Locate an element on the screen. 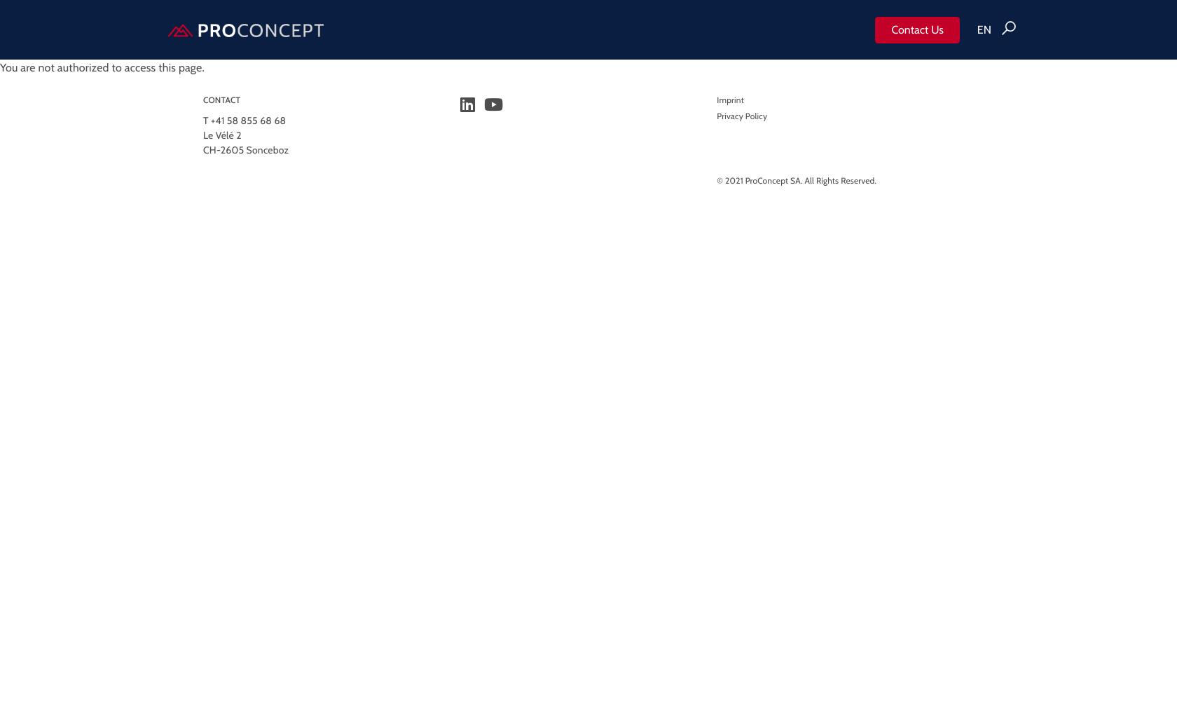 This screenshot has height=701, width=1177. 'en' is located at coordinates (977, 29).